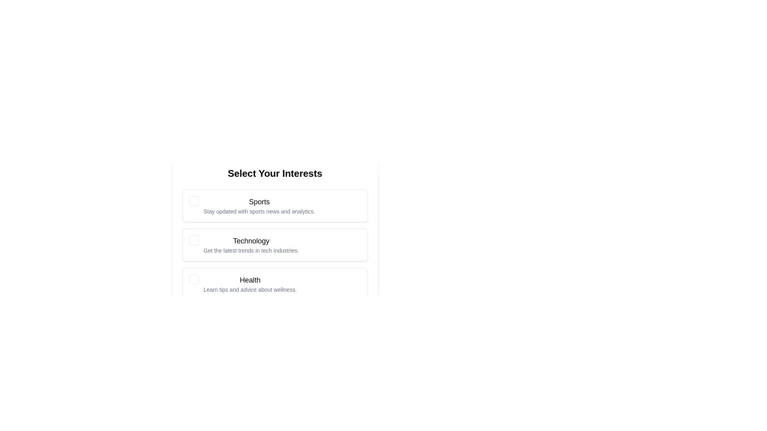 The width and height of the screenshot is (767, 431). Describe the element at coordinates (194, 279) in the screenshot. I see `the checkbox corresponding to Health` at that location.